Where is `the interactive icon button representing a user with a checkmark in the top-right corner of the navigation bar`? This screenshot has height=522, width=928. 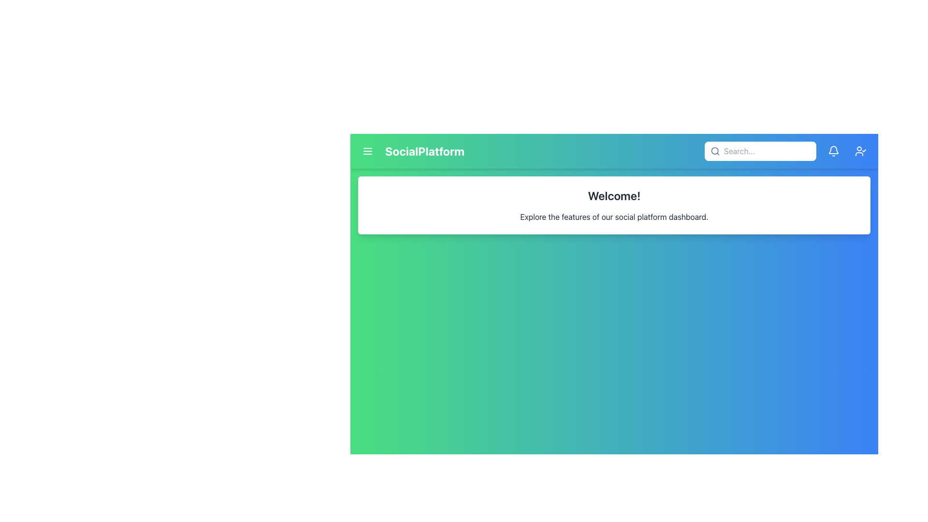 the interactive icon button representing a user with a checkmark in the top-right corner of the navigation bar is located at coordinates (860, 151).